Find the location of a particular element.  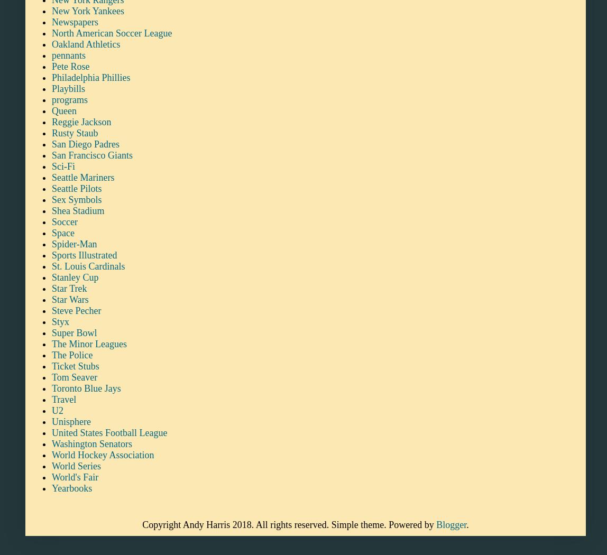

'Stanley Cup' is located at coordinates (75, 276).